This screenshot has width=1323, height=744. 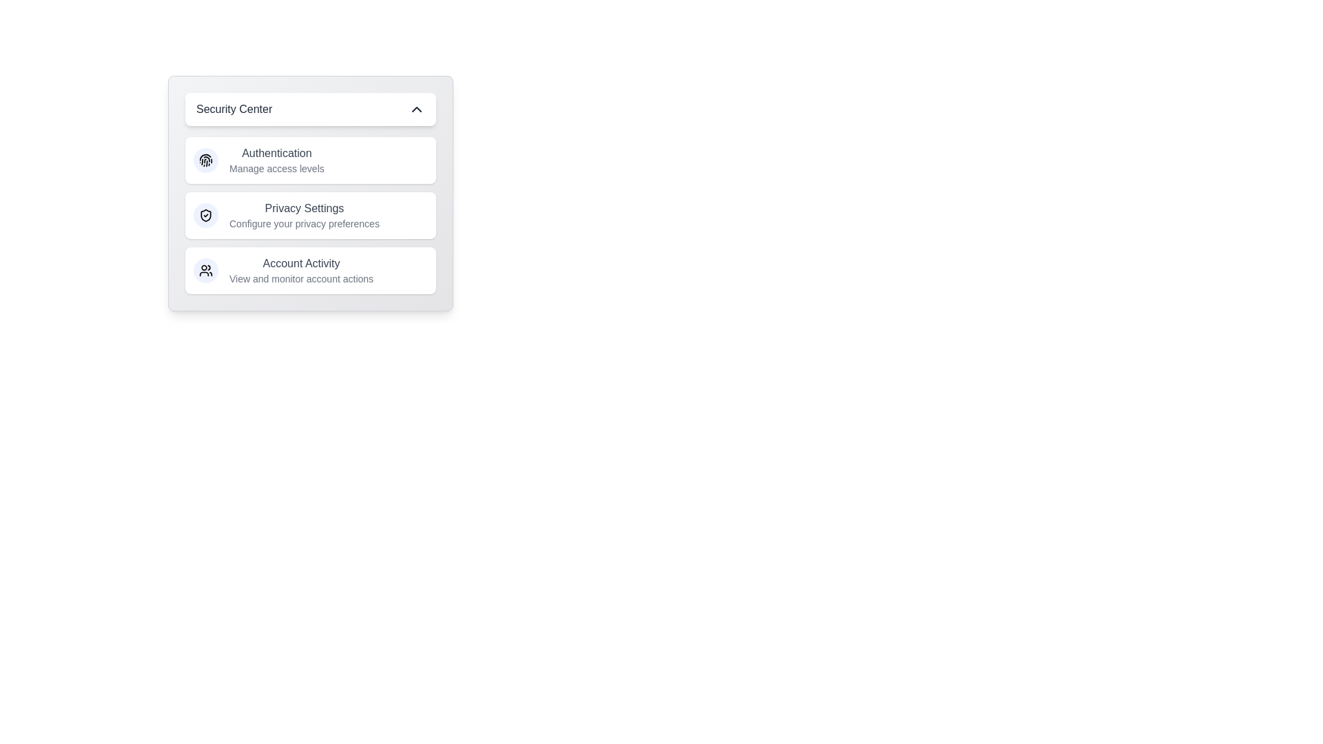 What do you see at coordinates (310, 215) in the screenshot?
I see `the menu item corresponding to Privacy Settings` at bounding box center [310, 215].